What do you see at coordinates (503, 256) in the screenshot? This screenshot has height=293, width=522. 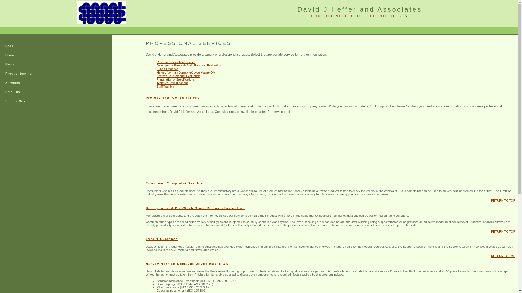 I see `'RETURN TO TOP'` at bounding box center [503, 256].